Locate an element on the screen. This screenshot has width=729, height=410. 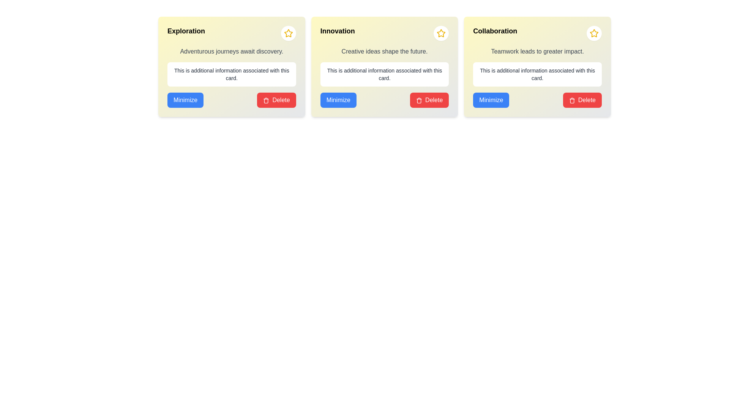
header text label that emphasizes 'Collaboration', located at the top of the third card in a horizontal layout, above the description text 'Teamwork leads to greater impact.' is located at coordinates (495, 33).